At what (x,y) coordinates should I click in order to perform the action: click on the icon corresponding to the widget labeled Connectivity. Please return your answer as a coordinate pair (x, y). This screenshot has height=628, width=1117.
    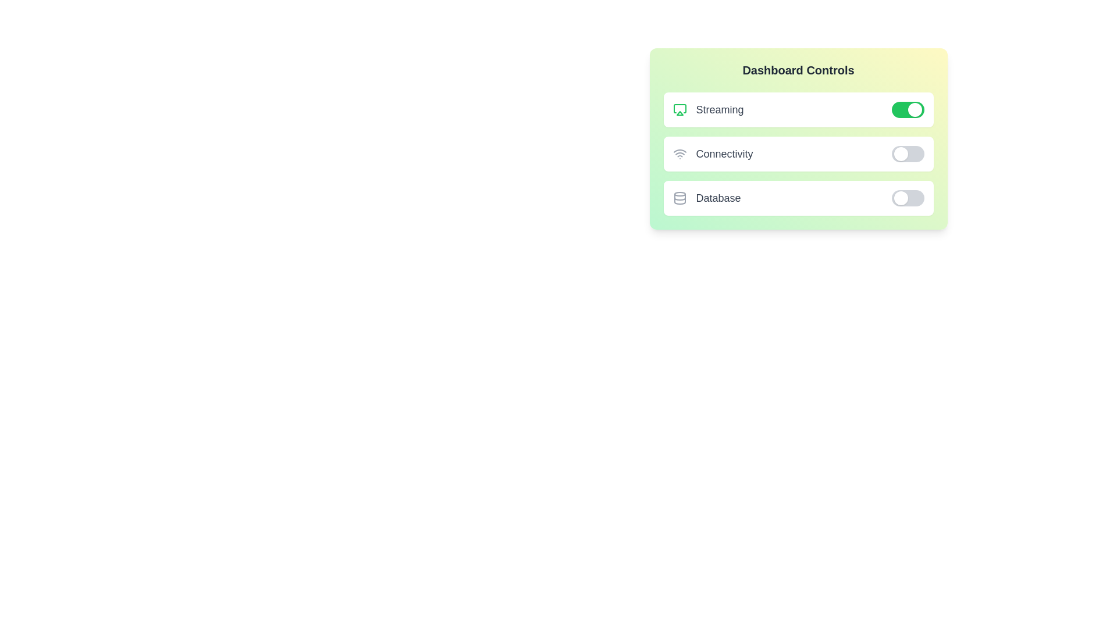
    Looking at the image, I should click on (680, 154).